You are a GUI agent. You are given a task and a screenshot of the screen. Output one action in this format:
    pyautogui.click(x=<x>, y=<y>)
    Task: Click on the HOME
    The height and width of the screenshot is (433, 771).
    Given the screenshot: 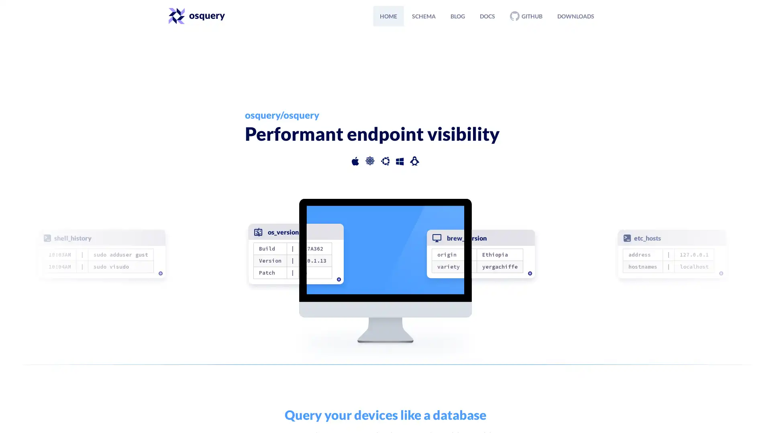 What is the action you would take?
    pyautogui.click(x=388, y=16)
    